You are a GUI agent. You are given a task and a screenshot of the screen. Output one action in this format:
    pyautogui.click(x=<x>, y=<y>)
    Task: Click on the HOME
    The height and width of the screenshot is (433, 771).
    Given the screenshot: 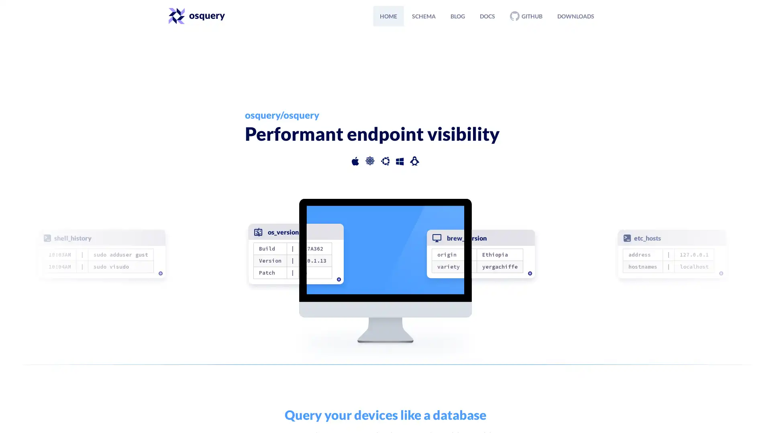 What is the action you would take?
    pyautogui.click(x=388, y=16)
    